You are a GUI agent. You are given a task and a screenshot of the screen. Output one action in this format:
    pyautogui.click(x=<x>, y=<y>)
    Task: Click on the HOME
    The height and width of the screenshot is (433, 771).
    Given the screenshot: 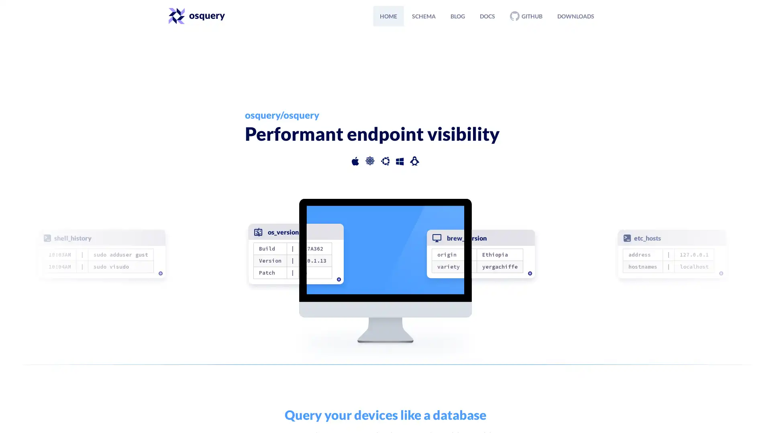 What is the action you would take?
    pyautogui.click(x=388, y=16)
    